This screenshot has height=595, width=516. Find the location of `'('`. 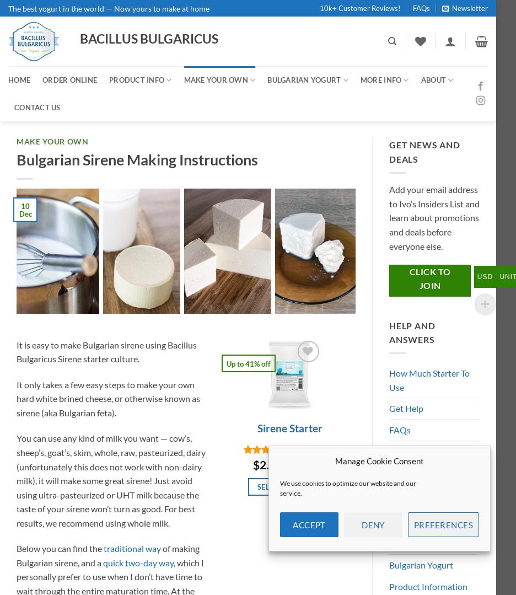

'(' is located at coordinates (290, 448).